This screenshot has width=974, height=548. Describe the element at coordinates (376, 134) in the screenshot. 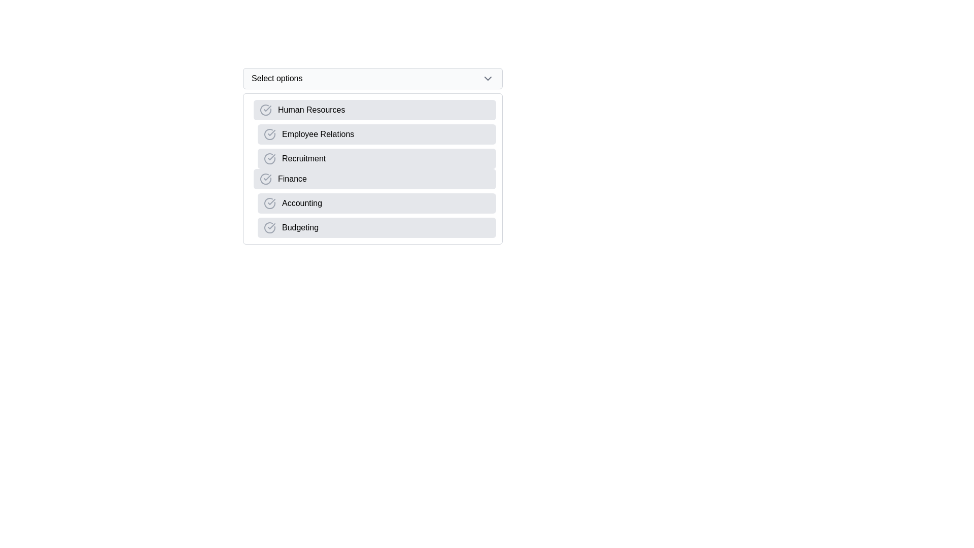

I see `to select the second item in the 'Select options' dropdown list, which is positioned between 'Human Resources' and 'Recruitment'` at that location.